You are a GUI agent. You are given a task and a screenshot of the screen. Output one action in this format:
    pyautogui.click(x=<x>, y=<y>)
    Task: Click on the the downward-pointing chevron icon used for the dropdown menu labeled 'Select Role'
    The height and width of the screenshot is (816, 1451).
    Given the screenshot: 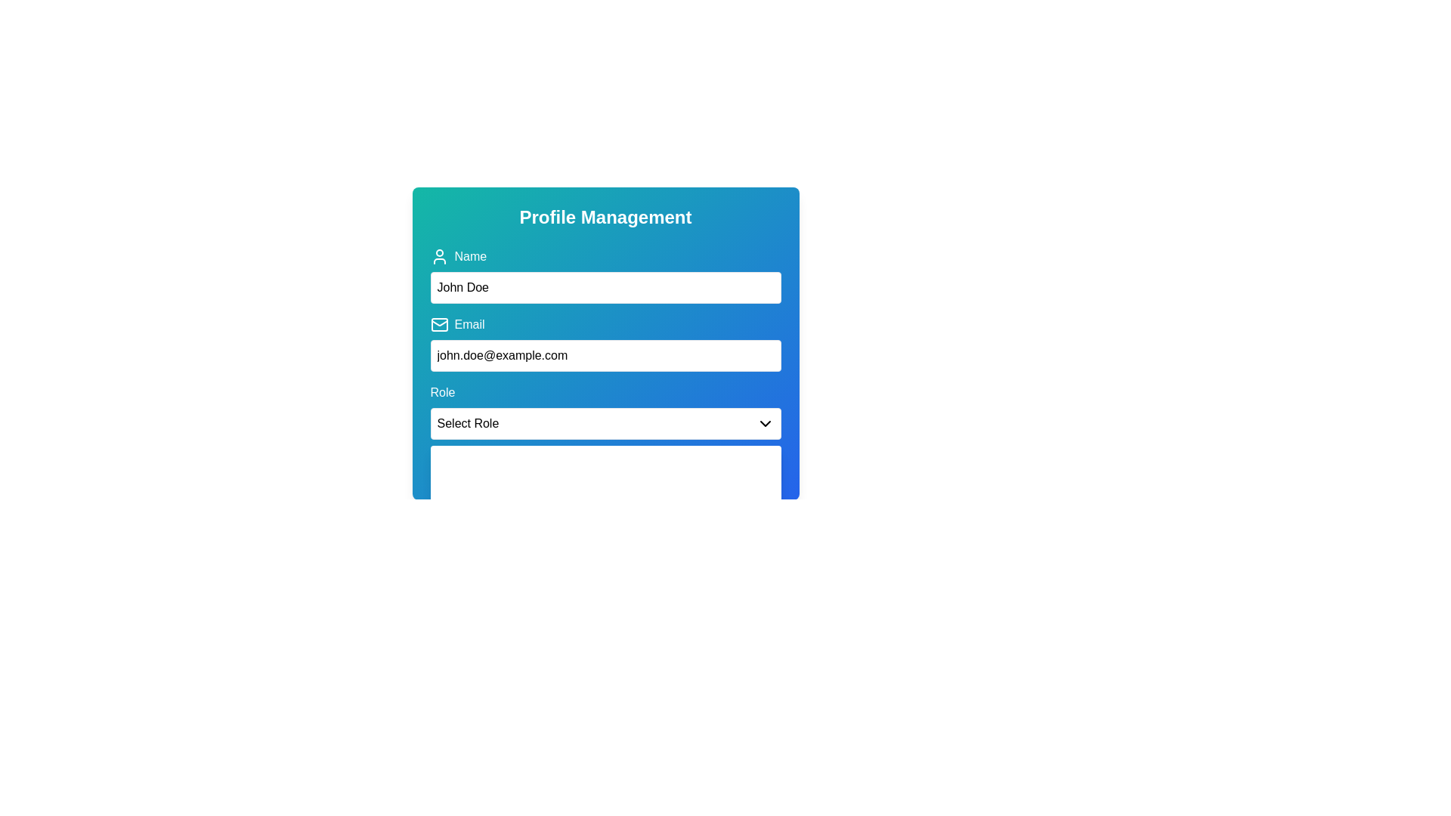 What is the action you would take?
    pyautogui.click(x=765, y=423)
    